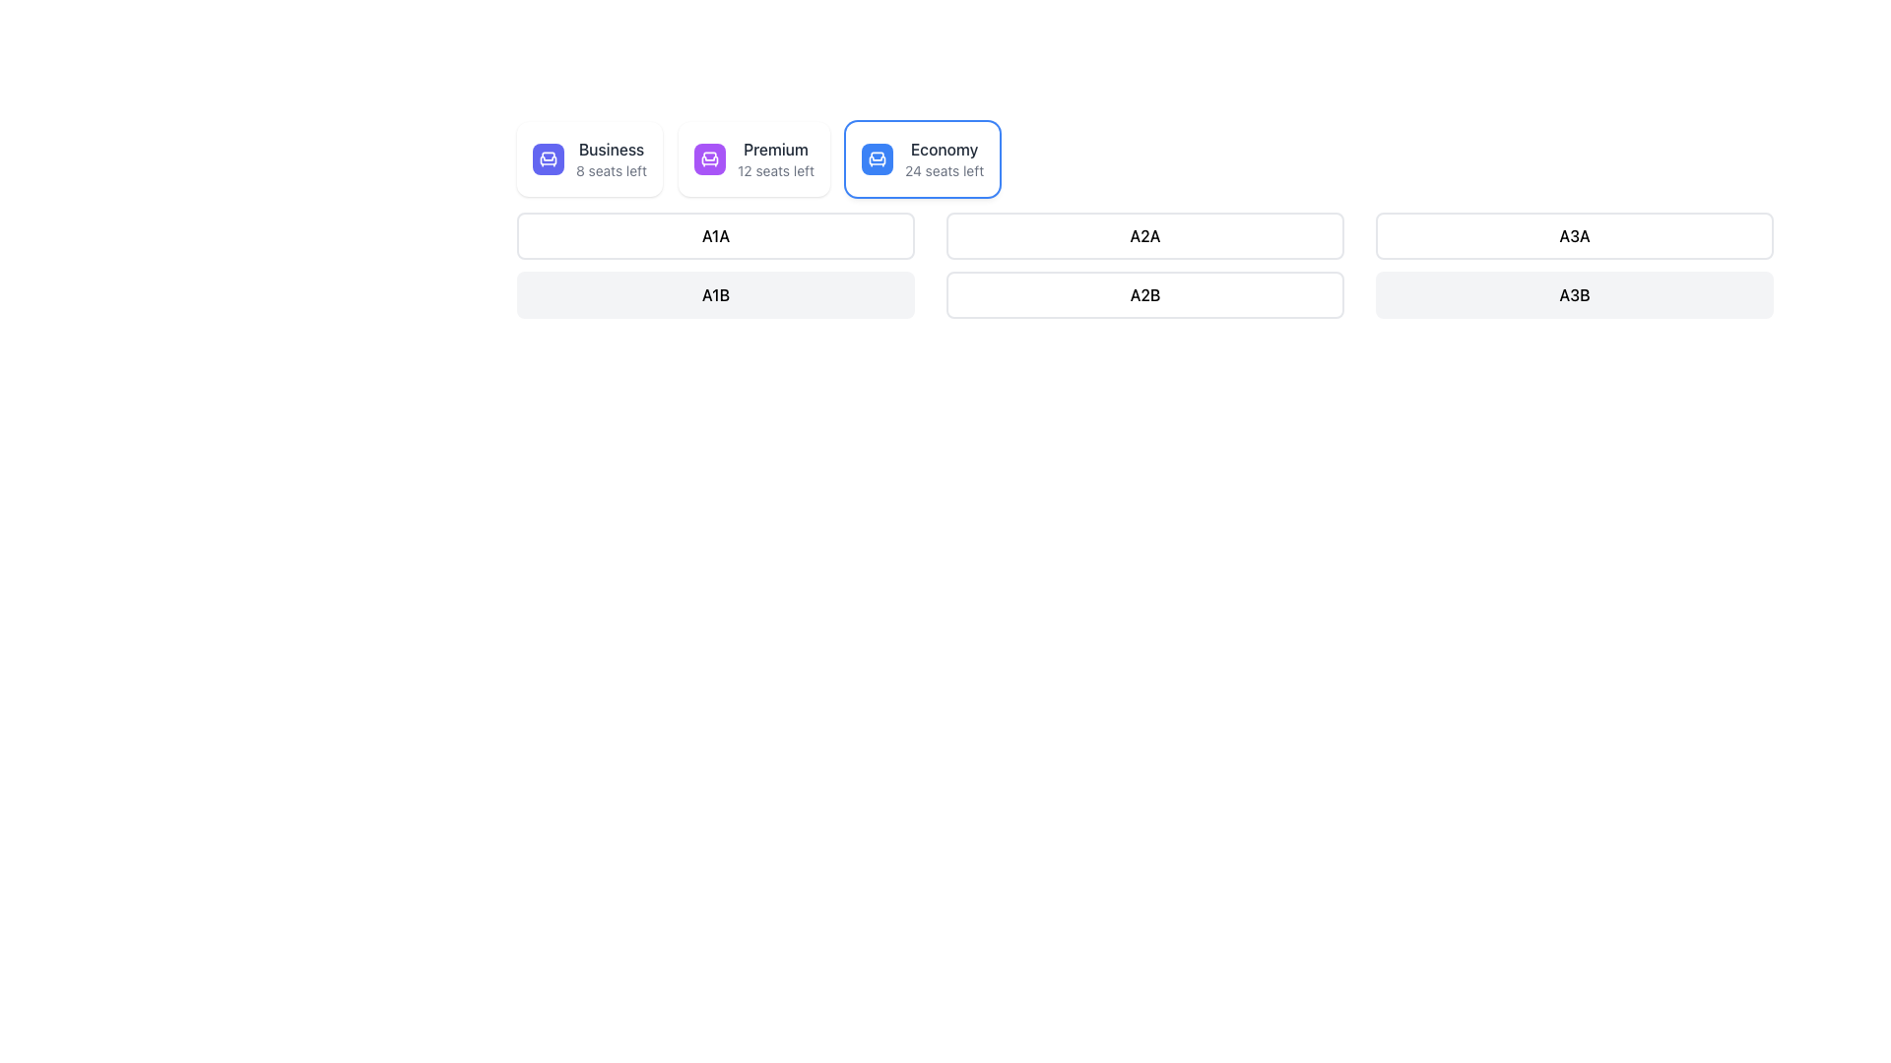 Image resolution: width=1891 pixels, height=1063 pixels. What do you see at coordinates (944, 169) in the screenshot?
I see `the Text Label indicating remaining seat availability below the 'Economy' label` at bounding box center [944, 169].